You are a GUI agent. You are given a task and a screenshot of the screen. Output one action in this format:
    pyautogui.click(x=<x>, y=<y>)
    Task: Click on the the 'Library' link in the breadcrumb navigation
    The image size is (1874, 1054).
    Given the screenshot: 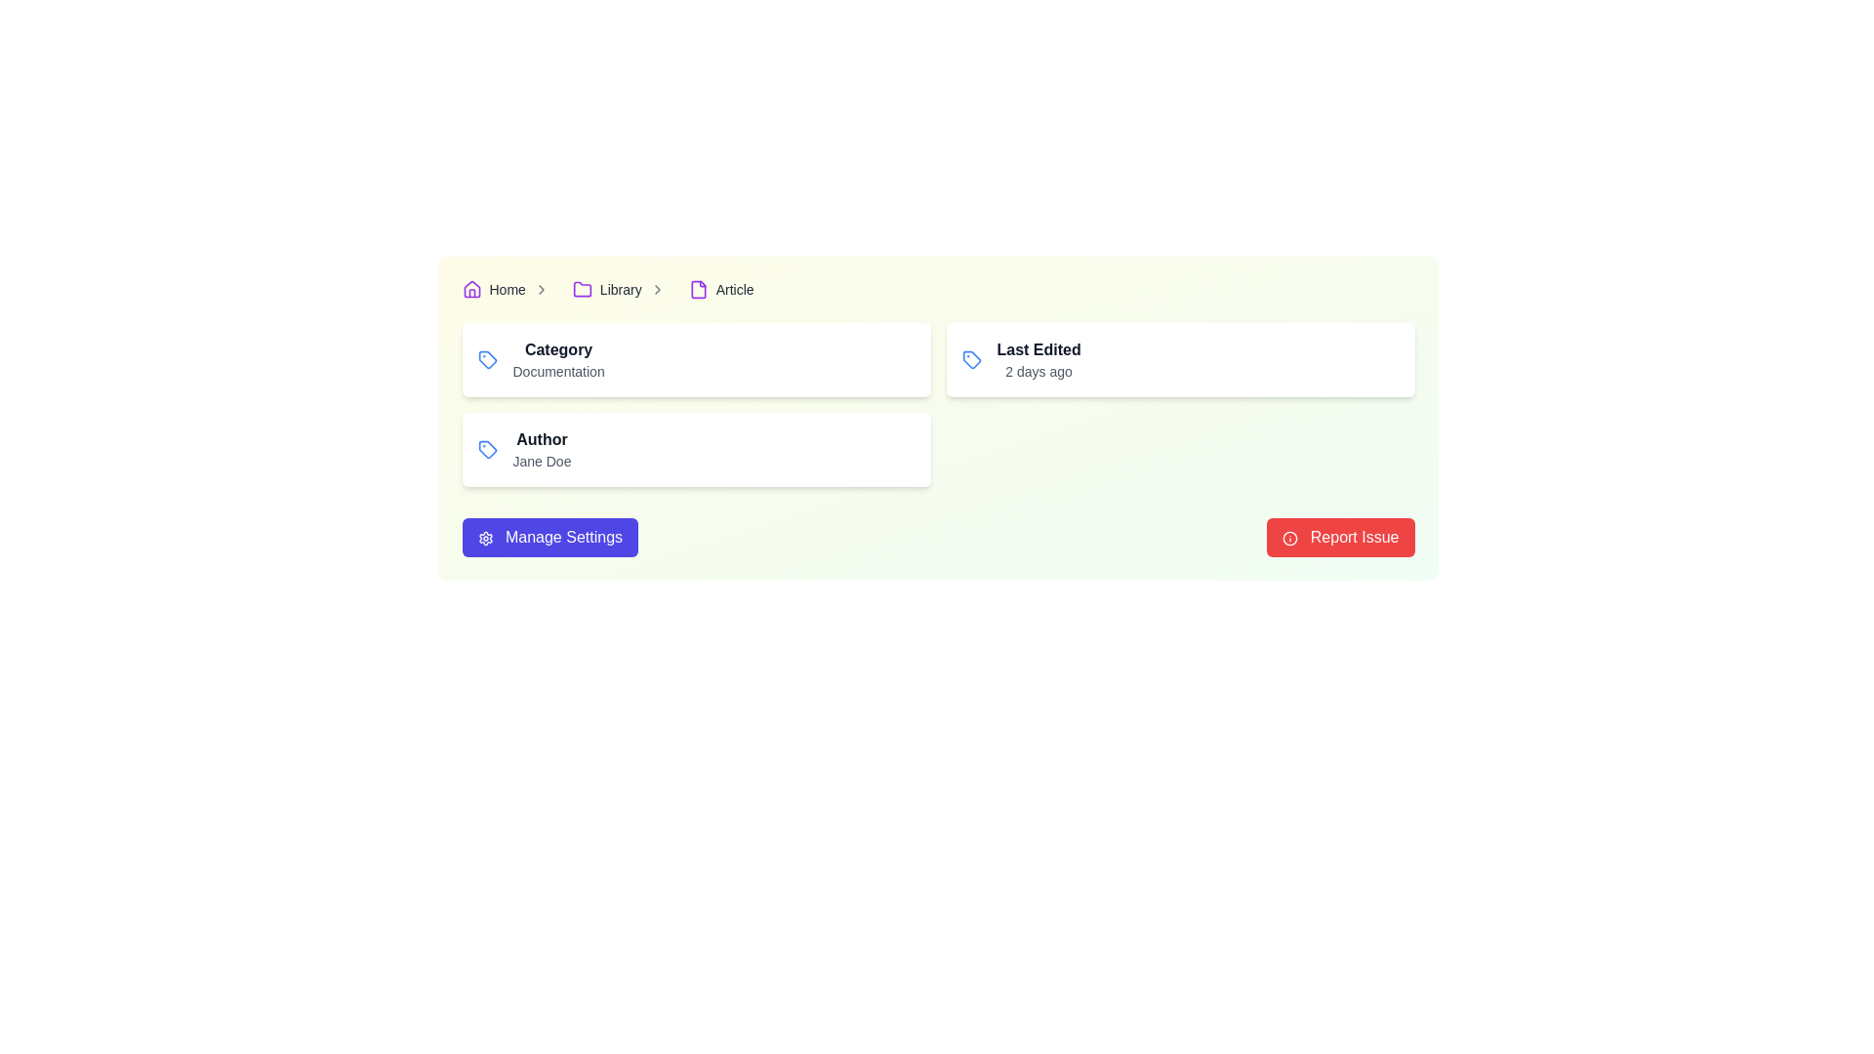 What is the action you would take?
    pyautogui.click(x=619, y=290)
    